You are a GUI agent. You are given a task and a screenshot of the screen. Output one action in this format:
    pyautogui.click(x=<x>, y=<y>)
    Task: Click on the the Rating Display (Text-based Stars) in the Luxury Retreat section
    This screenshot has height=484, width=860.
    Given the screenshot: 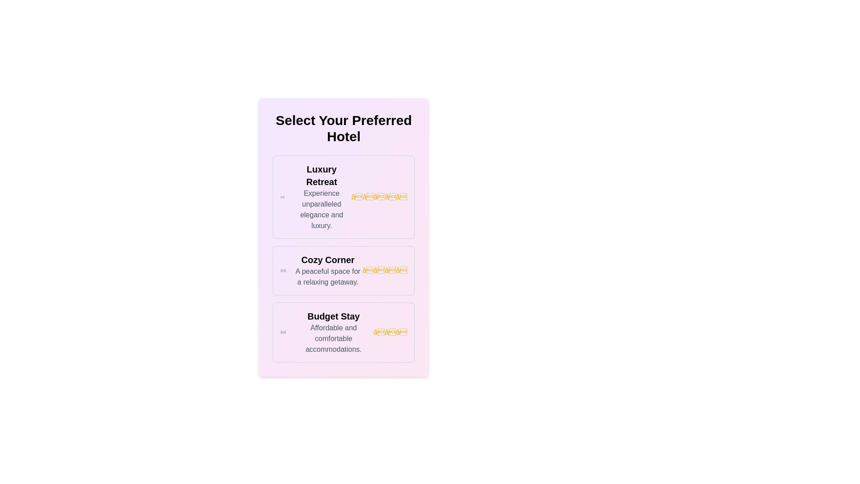 What is the action you would take?
    pyautogui.click(x=379, y=196)
    